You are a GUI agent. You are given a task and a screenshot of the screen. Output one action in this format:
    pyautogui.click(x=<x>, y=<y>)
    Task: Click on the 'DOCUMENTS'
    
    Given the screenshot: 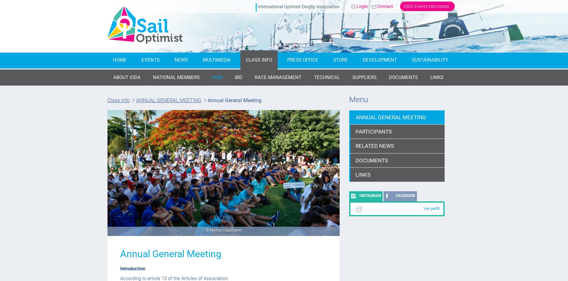 What is the action you would take?
    pyautogui.click(x=389, y=77)
    